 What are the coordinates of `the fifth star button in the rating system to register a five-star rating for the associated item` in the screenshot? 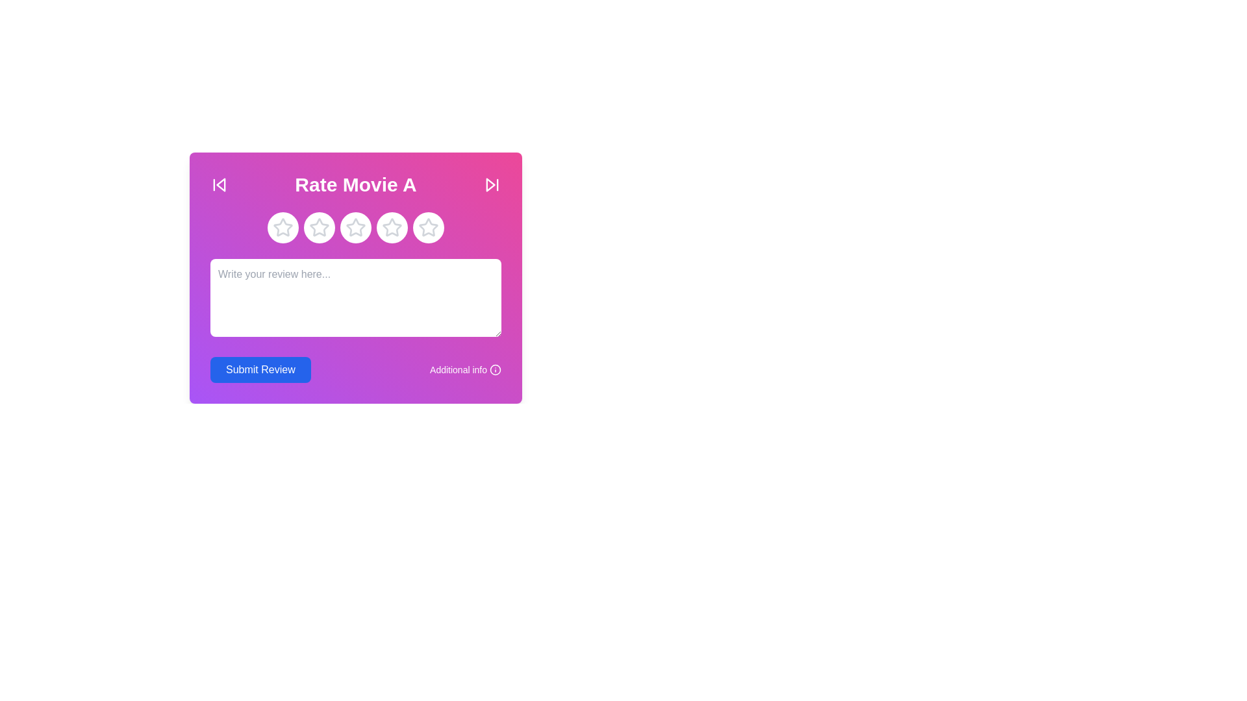 It's located at (429, 227).